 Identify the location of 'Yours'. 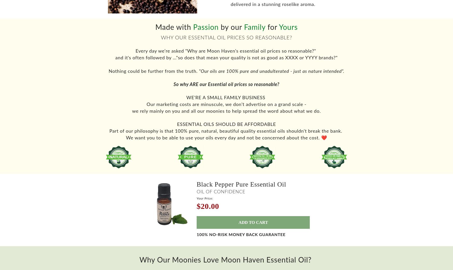
(288, 30).